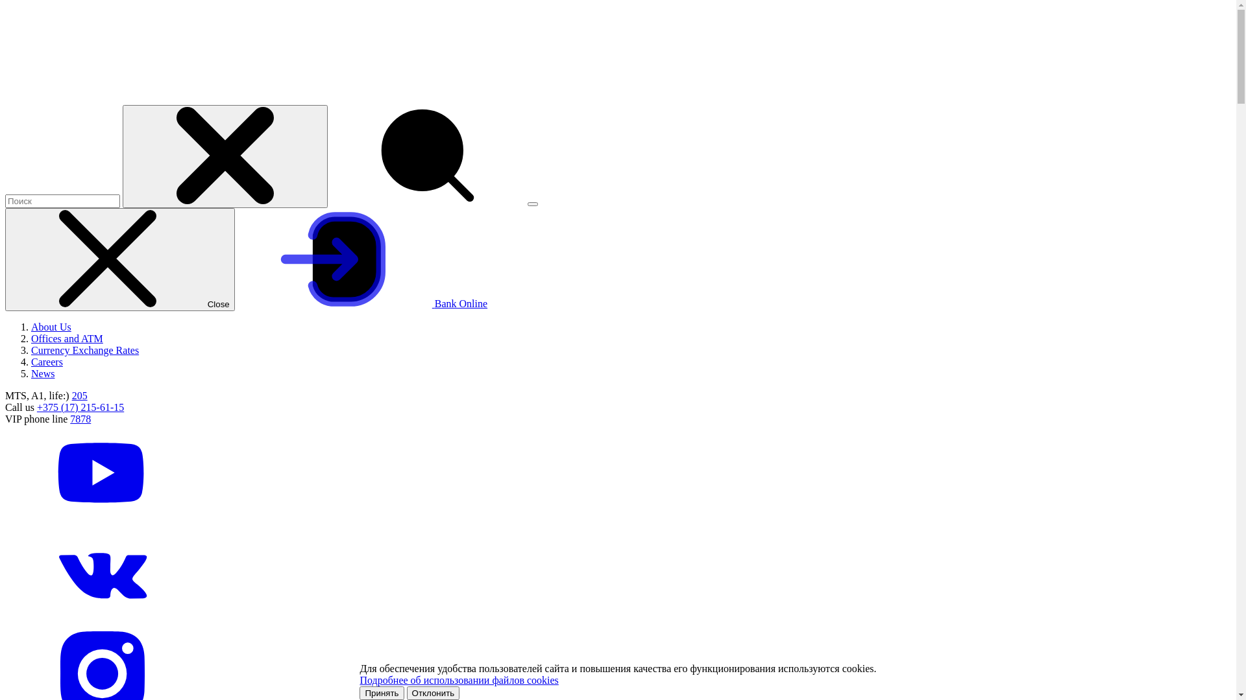  What do you see at coordinates (66, 338) in the screenshot?
I see `'Offices and ATM'` at bounding box center [66, 338].